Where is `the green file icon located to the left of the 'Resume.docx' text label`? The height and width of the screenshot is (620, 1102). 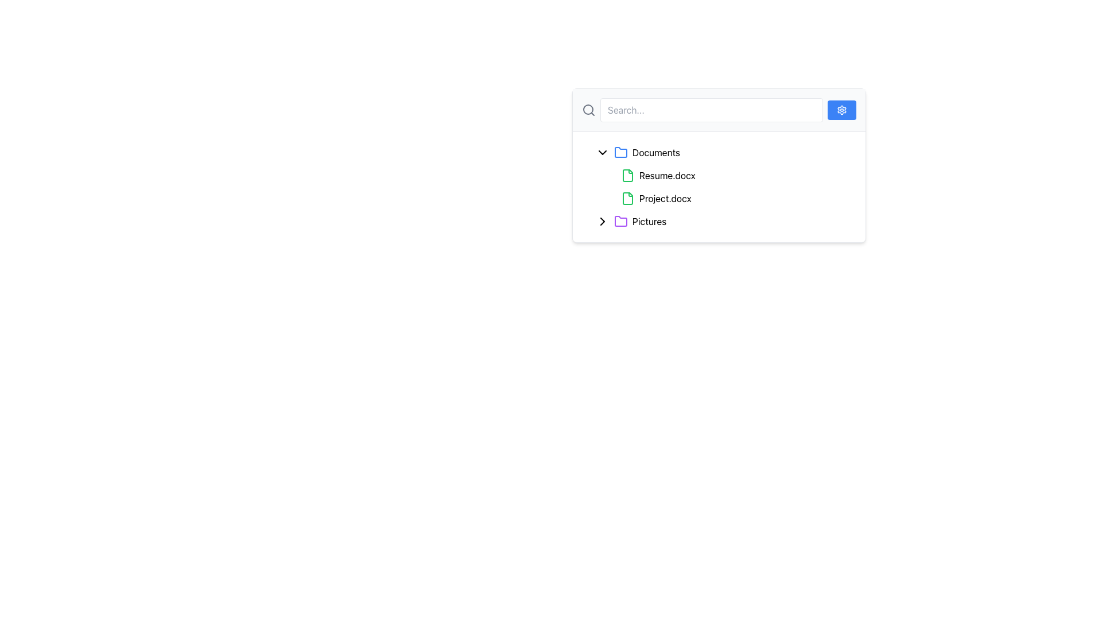
the green file icon located to the left of the 'Resume.docx' text label is located at coordinates (627, 175).